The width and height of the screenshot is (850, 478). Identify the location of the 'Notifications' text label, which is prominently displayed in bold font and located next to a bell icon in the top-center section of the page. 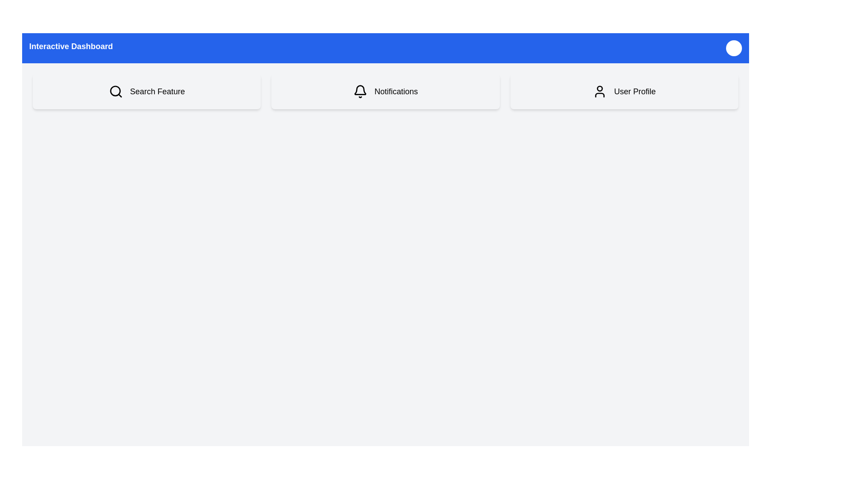
(395, 92).